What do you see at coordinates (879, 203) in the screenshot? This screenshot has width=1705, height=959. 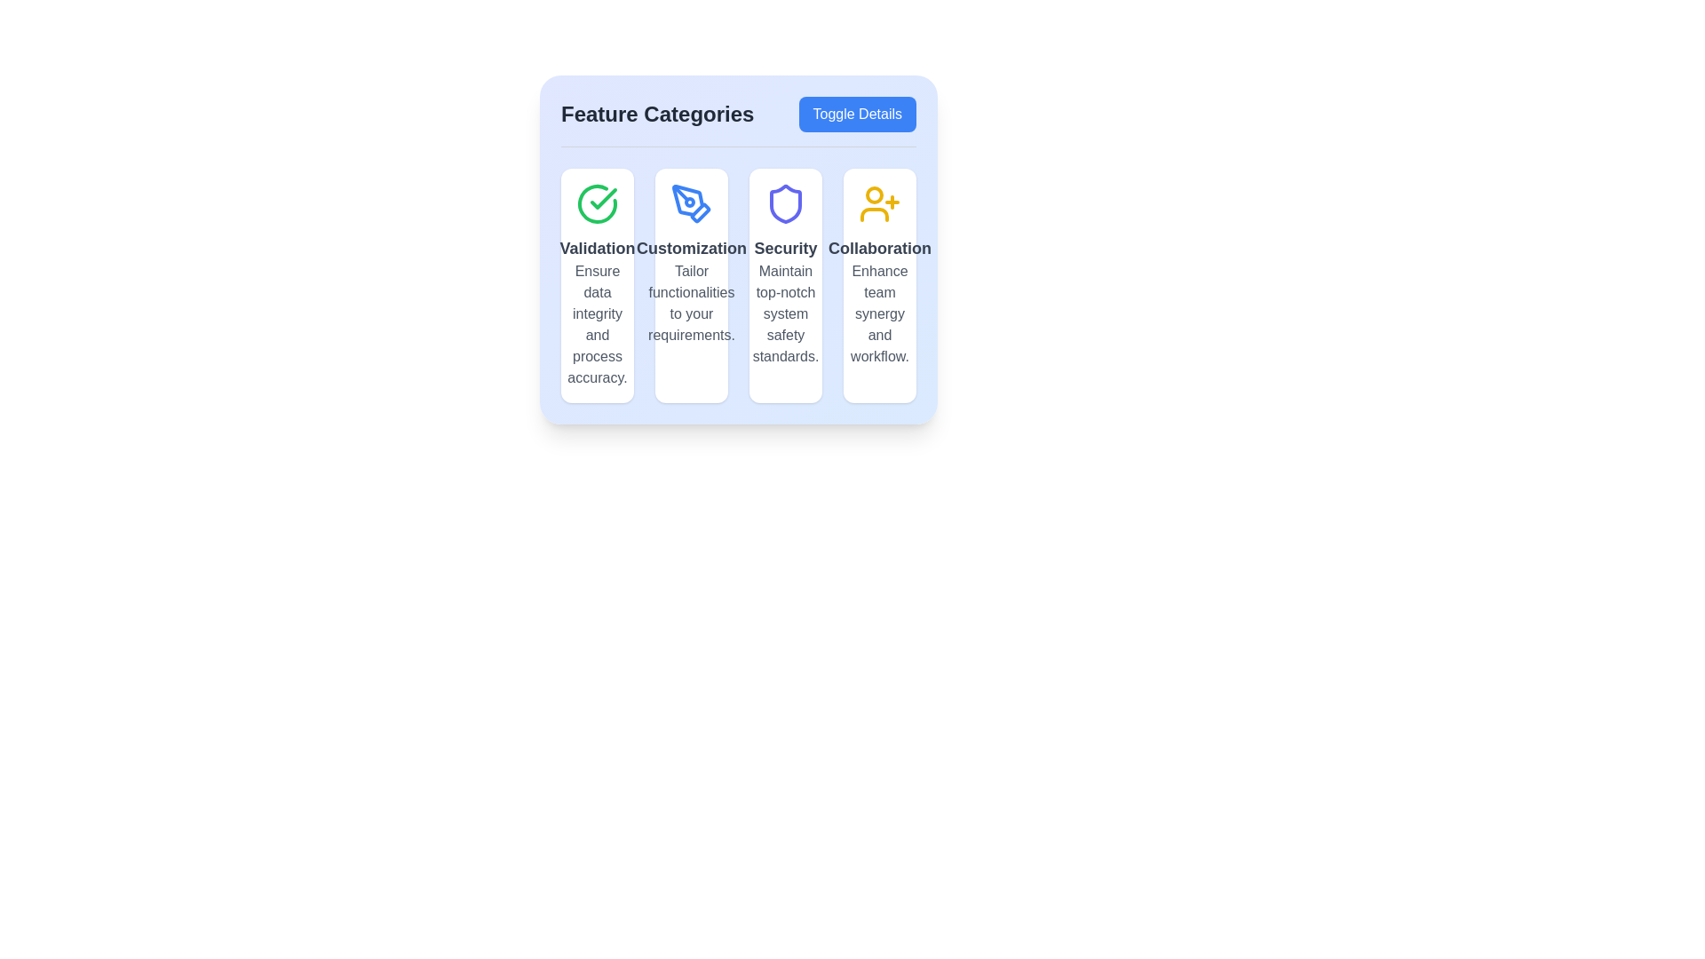 I see `the collaboration icon located in the fourth card of the 'Feature Categories' section, which is the uppermost icon beneath the 'Collaboration' heading` at bounding box center [879, 203].